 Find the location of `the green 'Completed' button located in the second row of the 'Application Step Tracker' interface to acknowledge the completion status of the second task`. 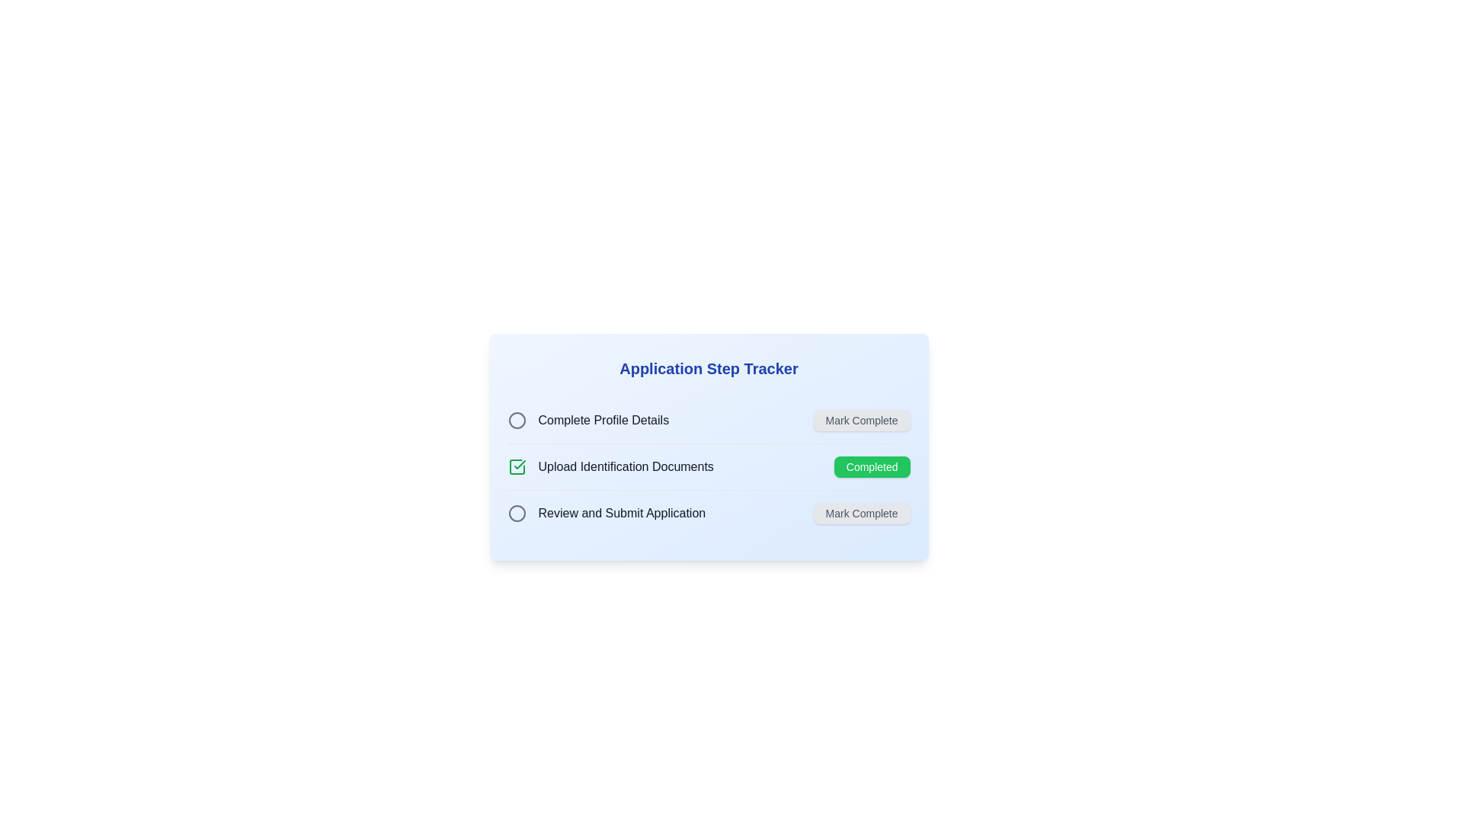

the green 'Completed' button located in the second row of the 'Application Step Tracker' interface to acknowledge the completion status of the second task is located at coordinates (872, 466).